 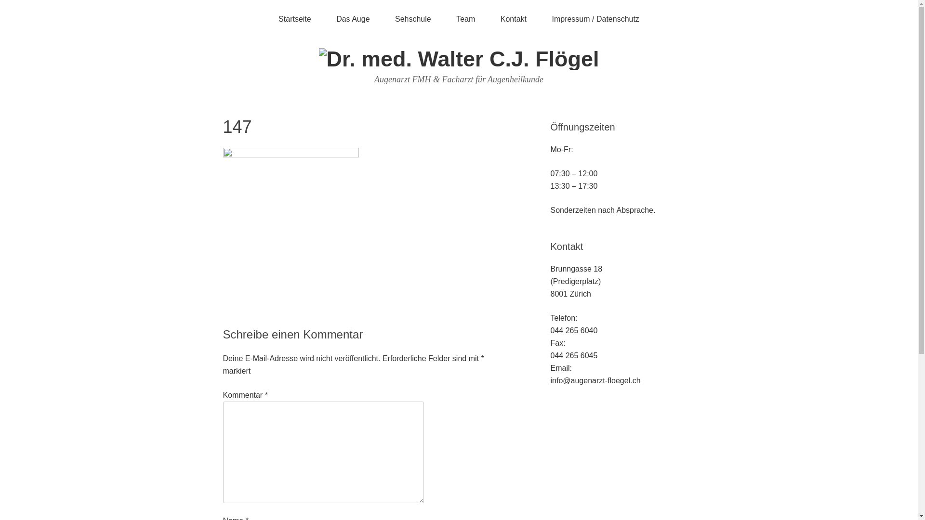 I want to click on 'info@augenarzt-floegel.ch', so click(x=595, y=380).